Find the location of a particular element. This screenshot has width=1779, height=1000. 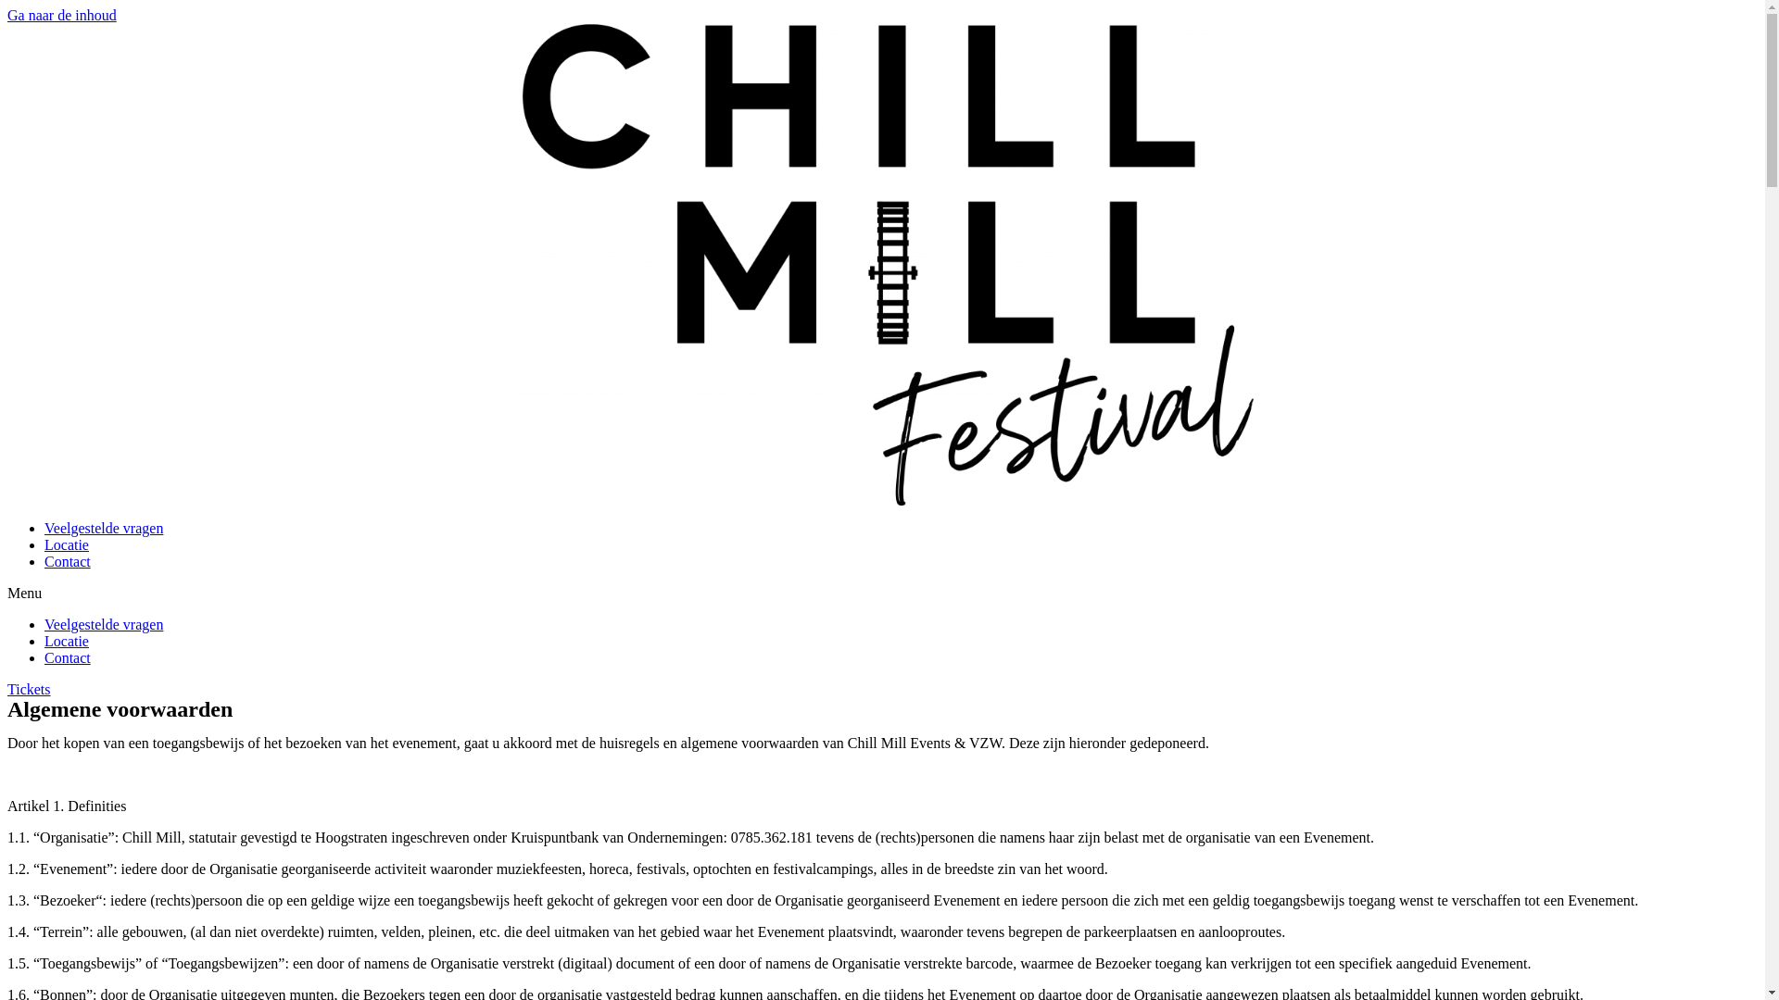

'Ga naar de inhoud' is located at coordinates (62, 15).